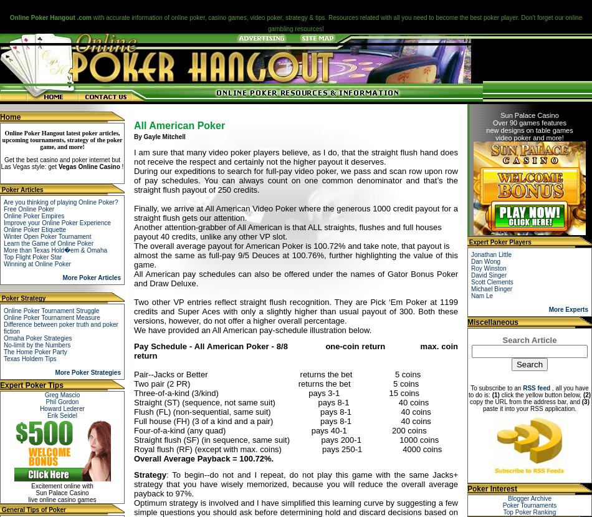  I want to click on 'To subscribe to an', so click(469, 388).